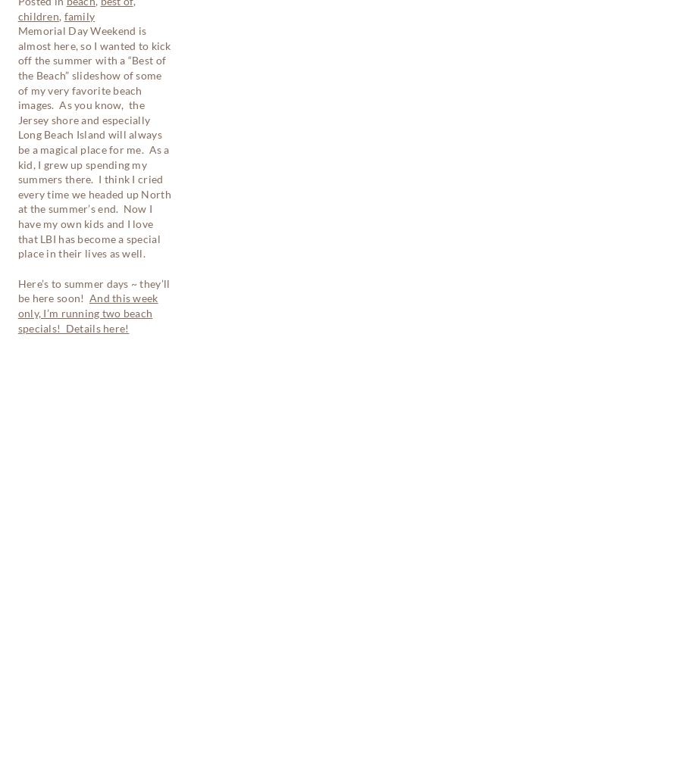 The height and width of the screenshot is (771, 673). What do you see at coordinates (92, 582) in the screenshot?
I see `'Get a FREE On-Location Newborn Session'` at bounding box center [92, 582].